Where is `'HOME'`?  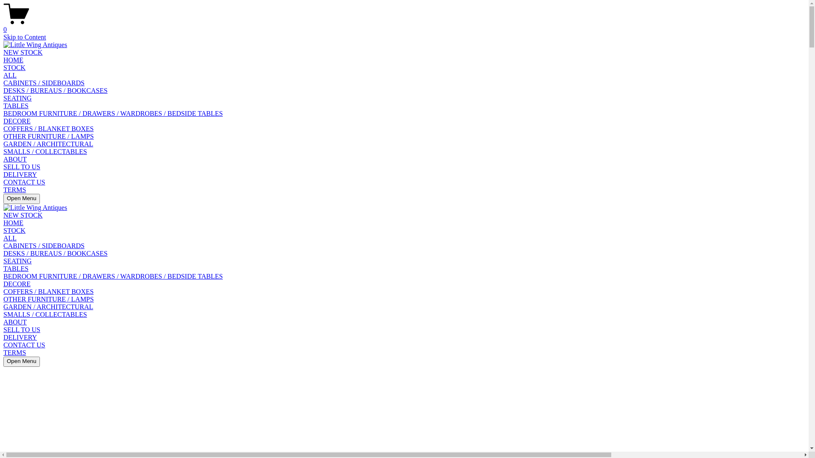 'HOME' is located at coordinates (13, 59).